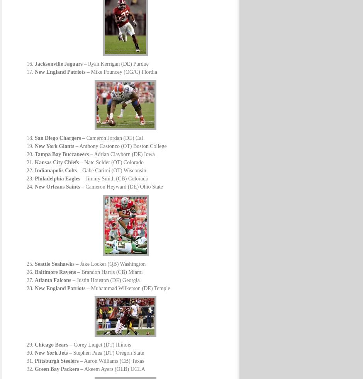 The image size is (363, 379). What do you see at coordinates (111, 138) in the screenshot?
I see `'– Cameron Jordan (DE) Cal'` at bounding box center [111, 138].